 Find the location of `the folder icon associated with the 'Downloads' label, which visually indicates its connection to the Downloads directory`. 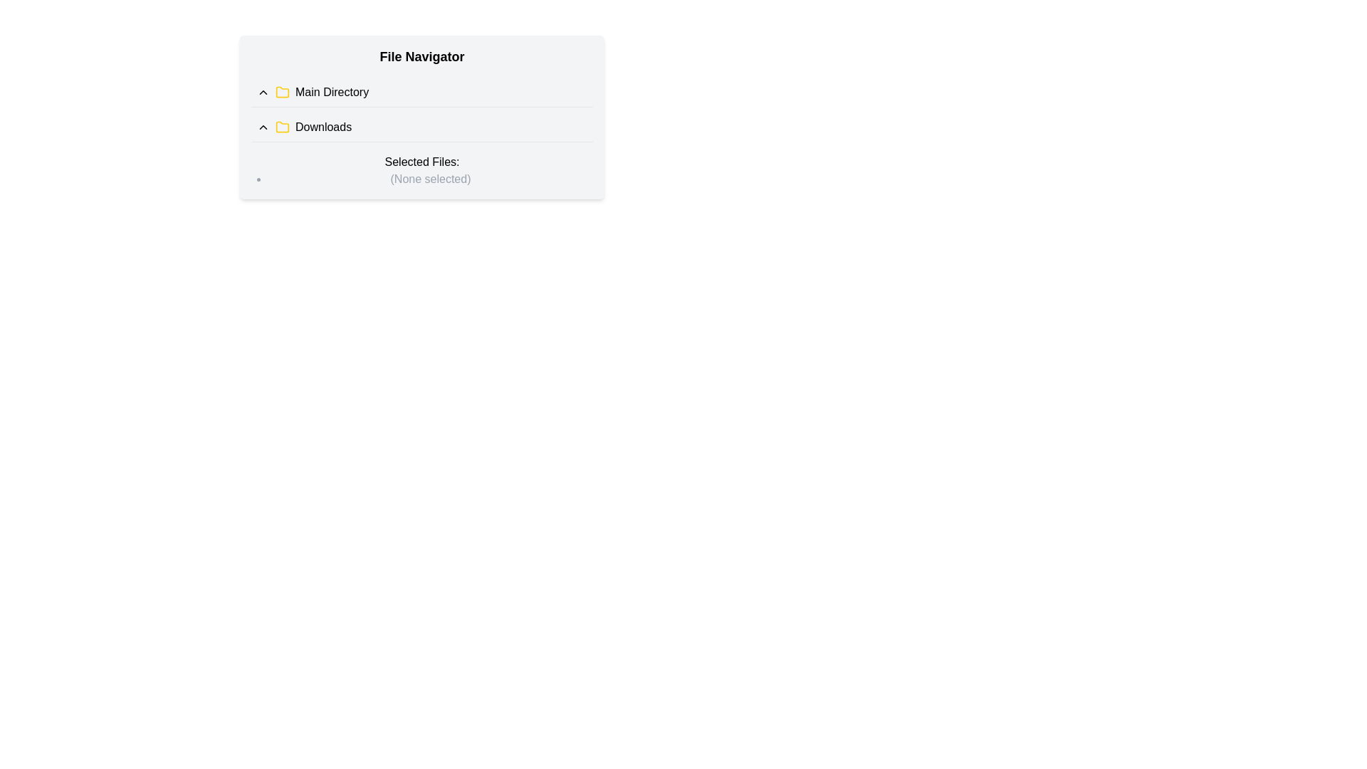

the folder icon associated with the 'Downloads' label, which visually indicates its connection to the Downloads directory is located at coordinates (283, 126).